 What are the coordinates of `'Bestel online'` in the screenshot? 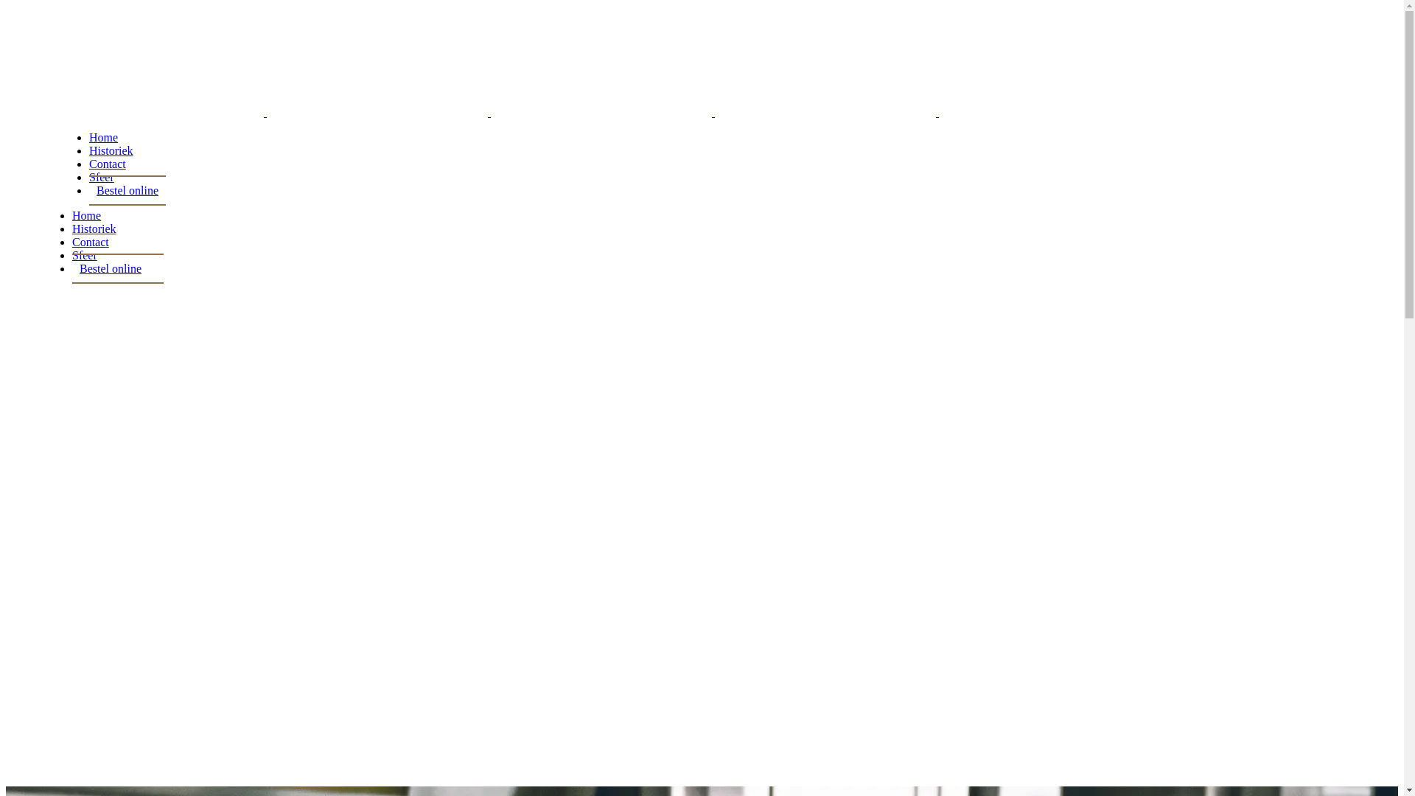 It's located at (109, 268).